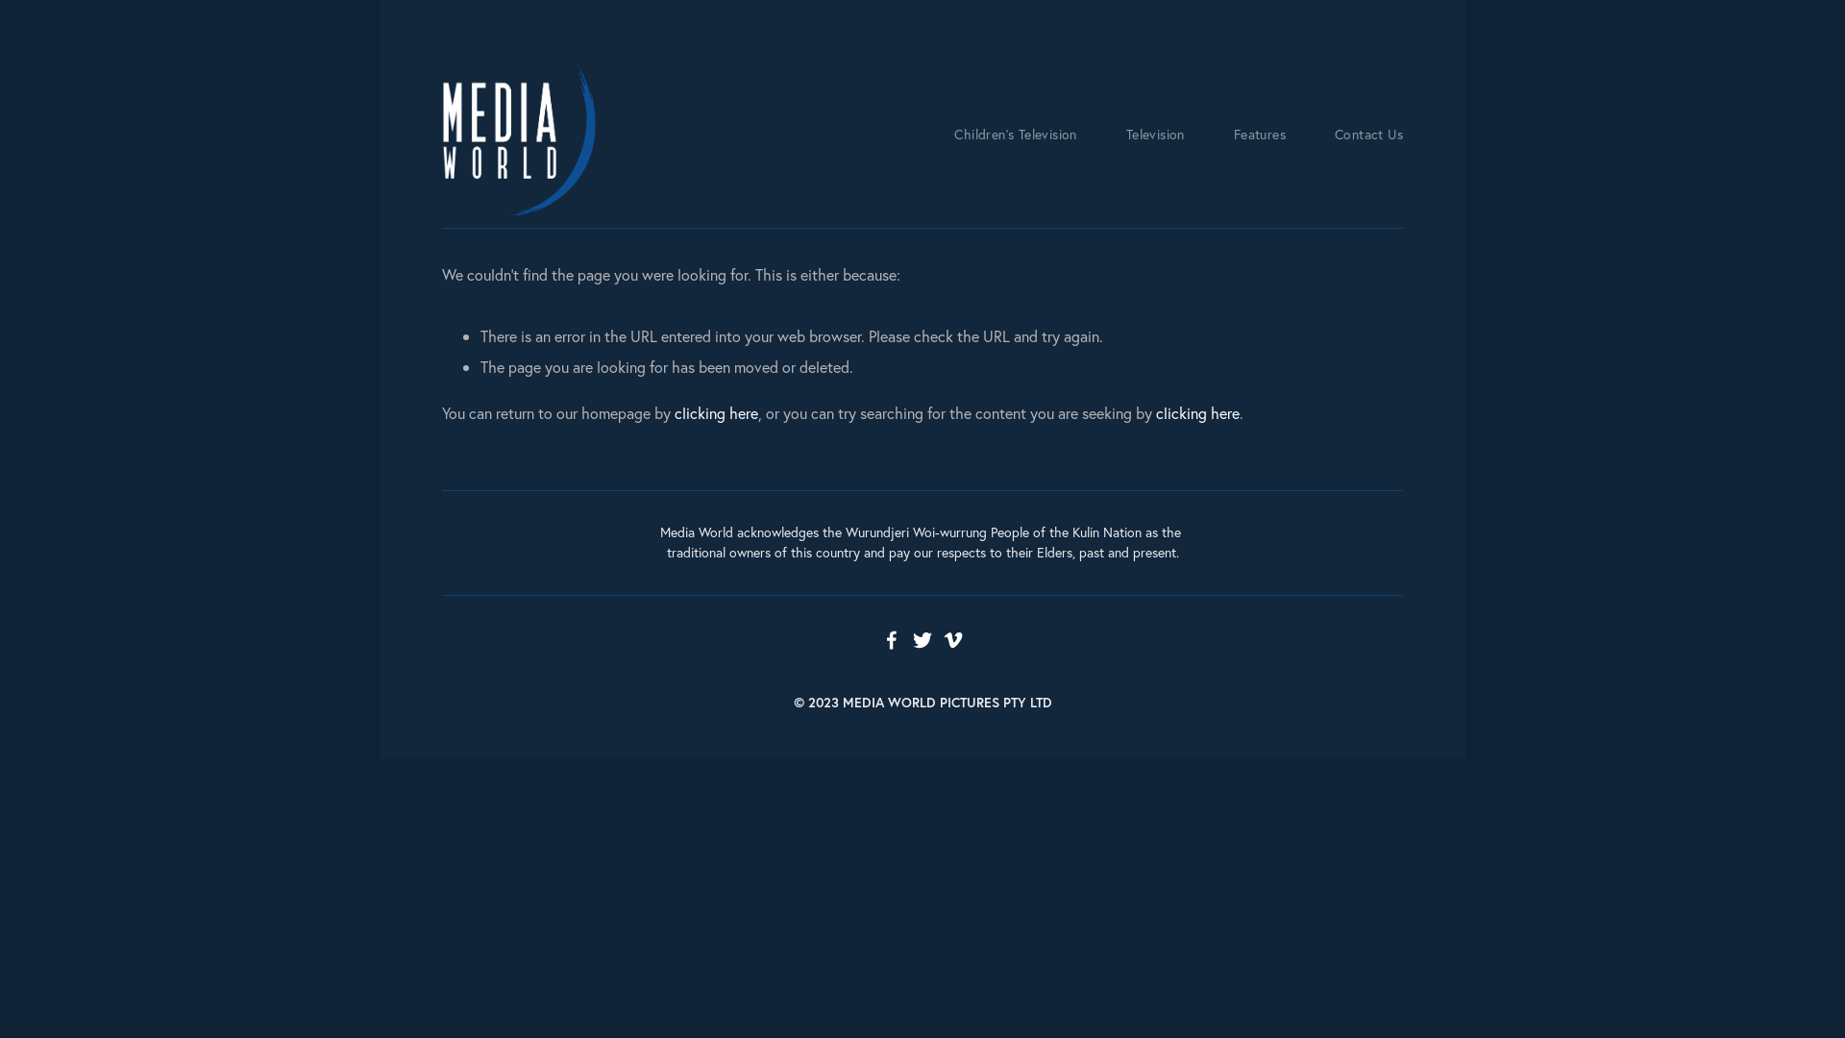 This screenshot has width=1845, height=1038. I want to click on 'Contact Us', so click(1367, 135).